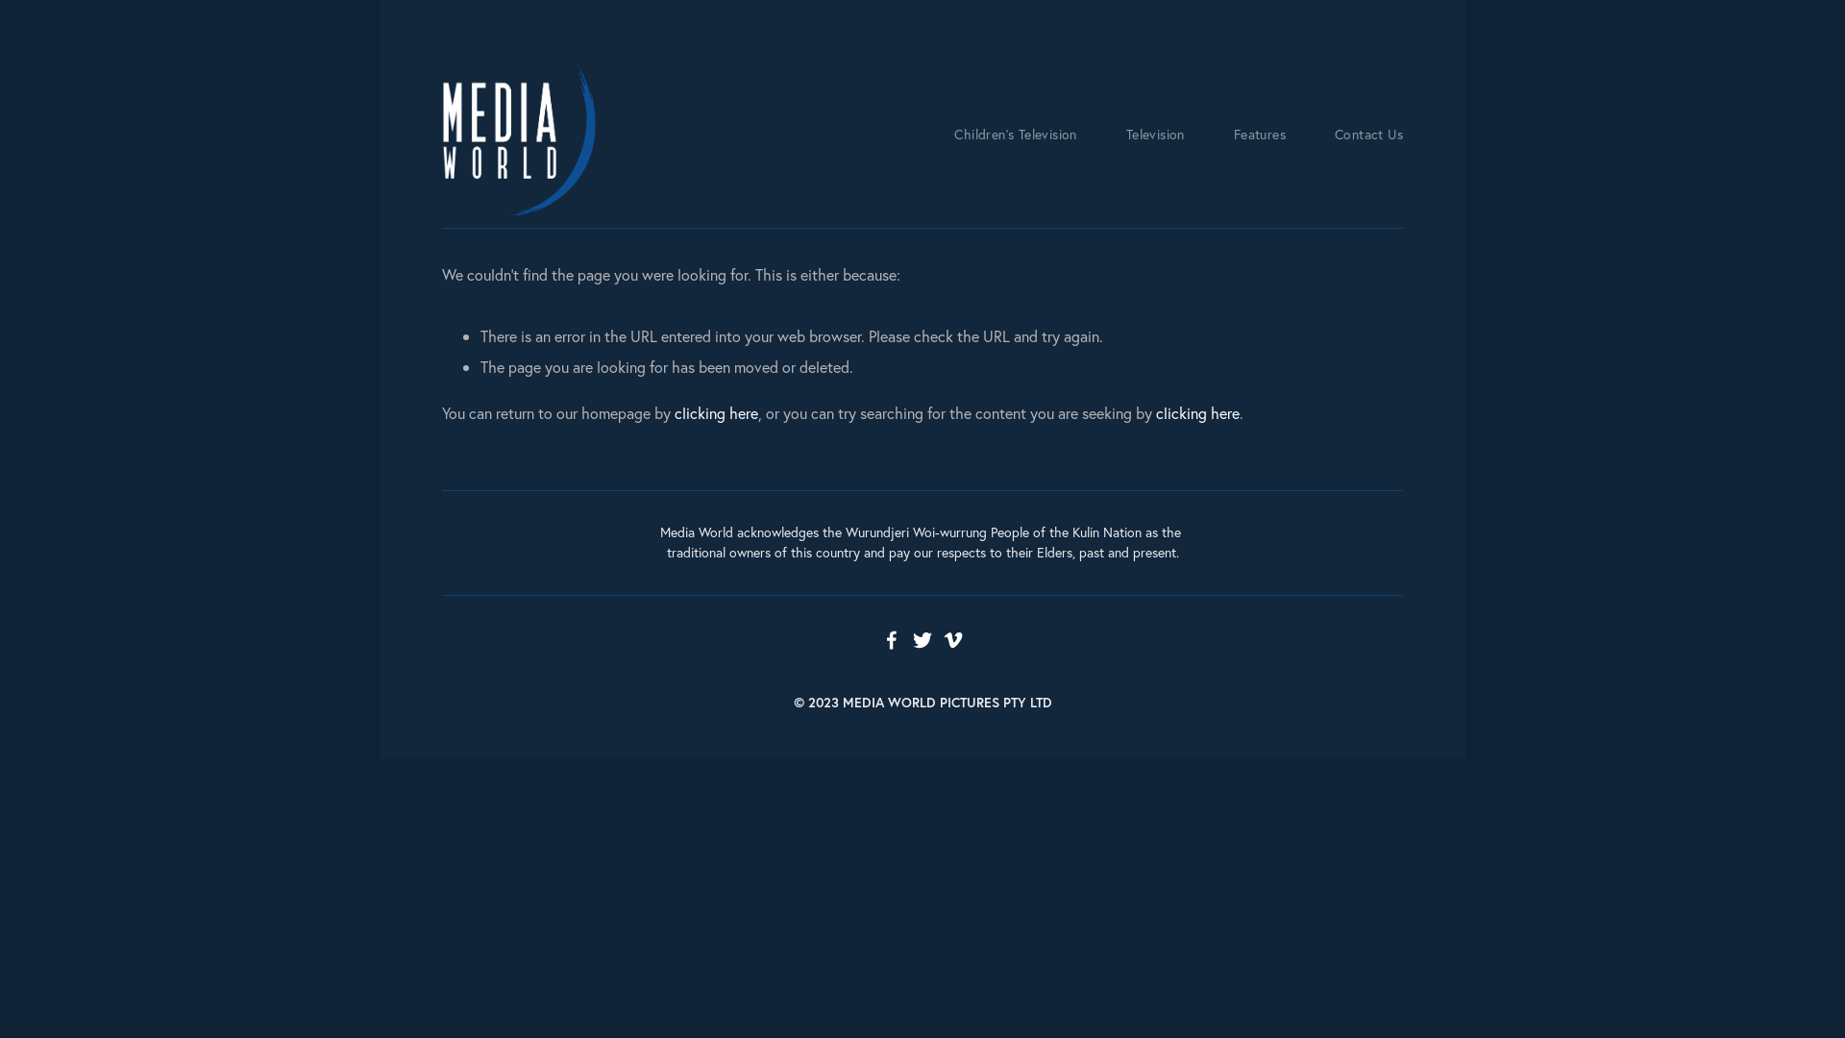 This screenshot has width=1845, height=1038. I want to click on 'Contact Us', so click(1367, 135).